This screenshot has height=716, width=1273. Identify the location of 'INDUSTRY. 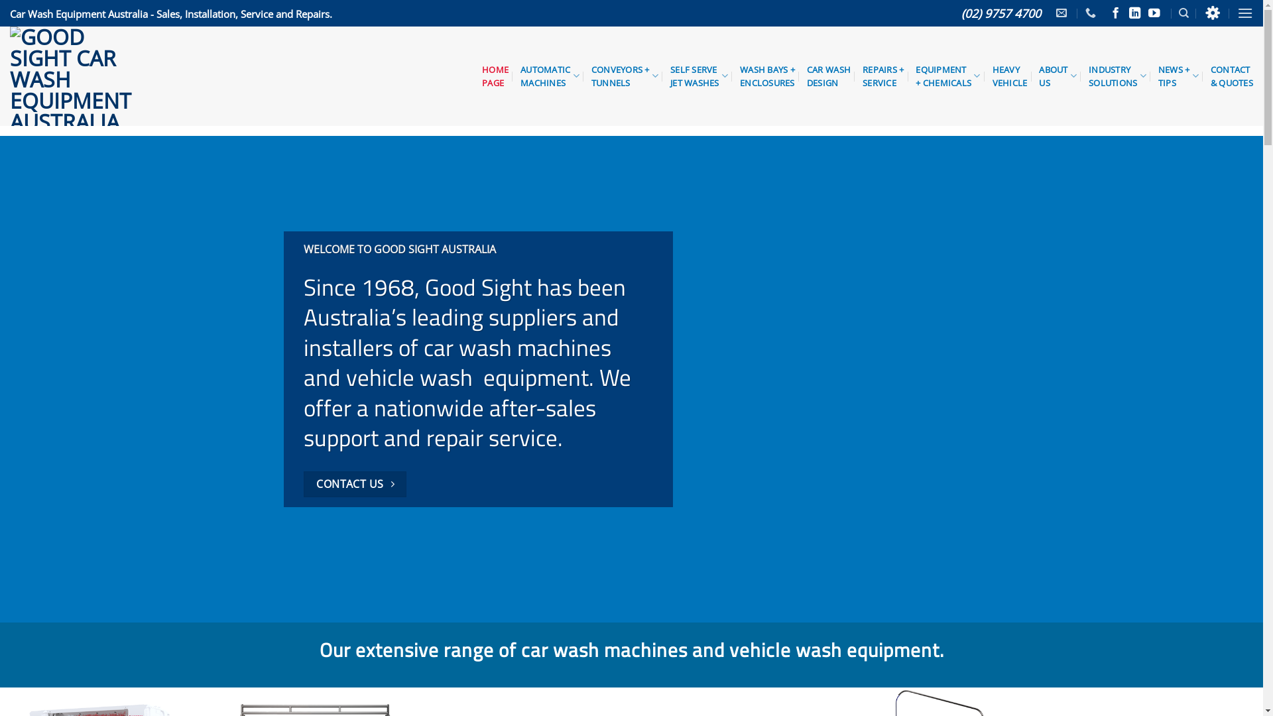
(1088, 76).